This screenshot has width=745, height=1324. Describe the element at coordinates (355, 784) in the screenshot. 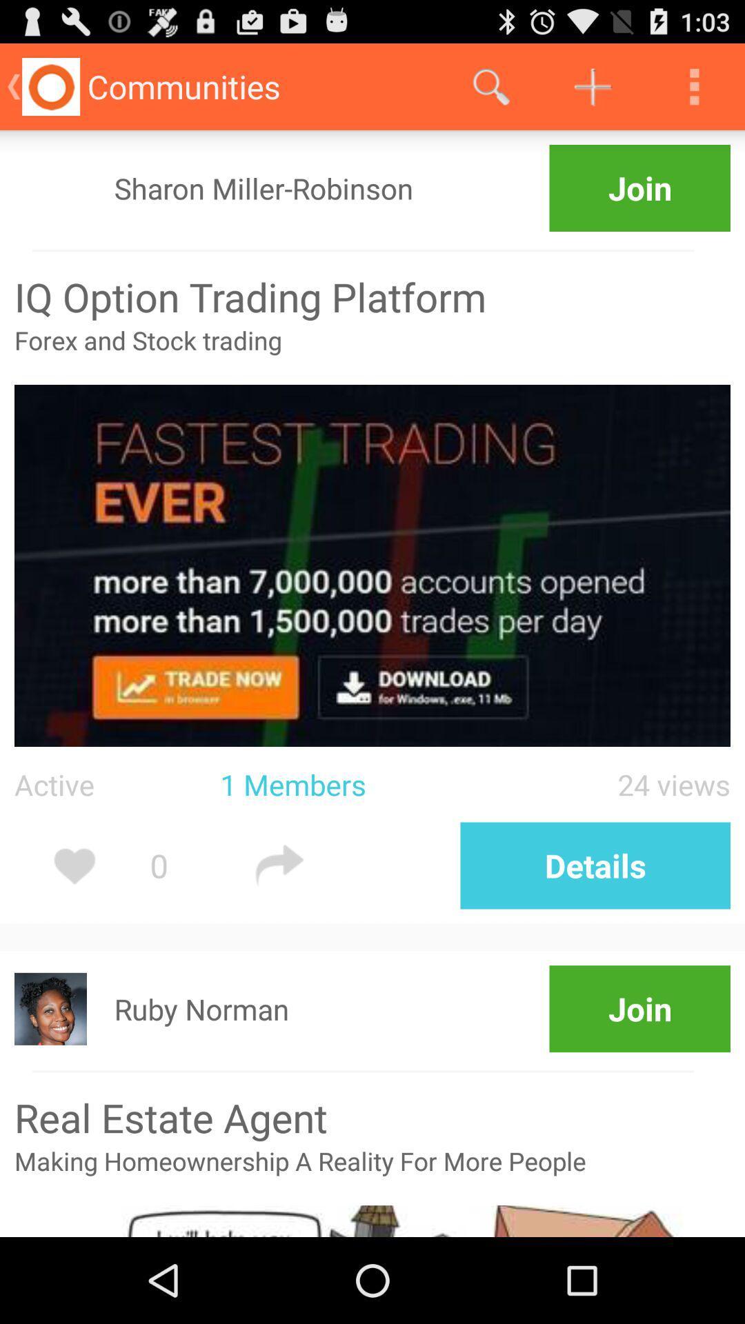

I see `1 members item` at that location.